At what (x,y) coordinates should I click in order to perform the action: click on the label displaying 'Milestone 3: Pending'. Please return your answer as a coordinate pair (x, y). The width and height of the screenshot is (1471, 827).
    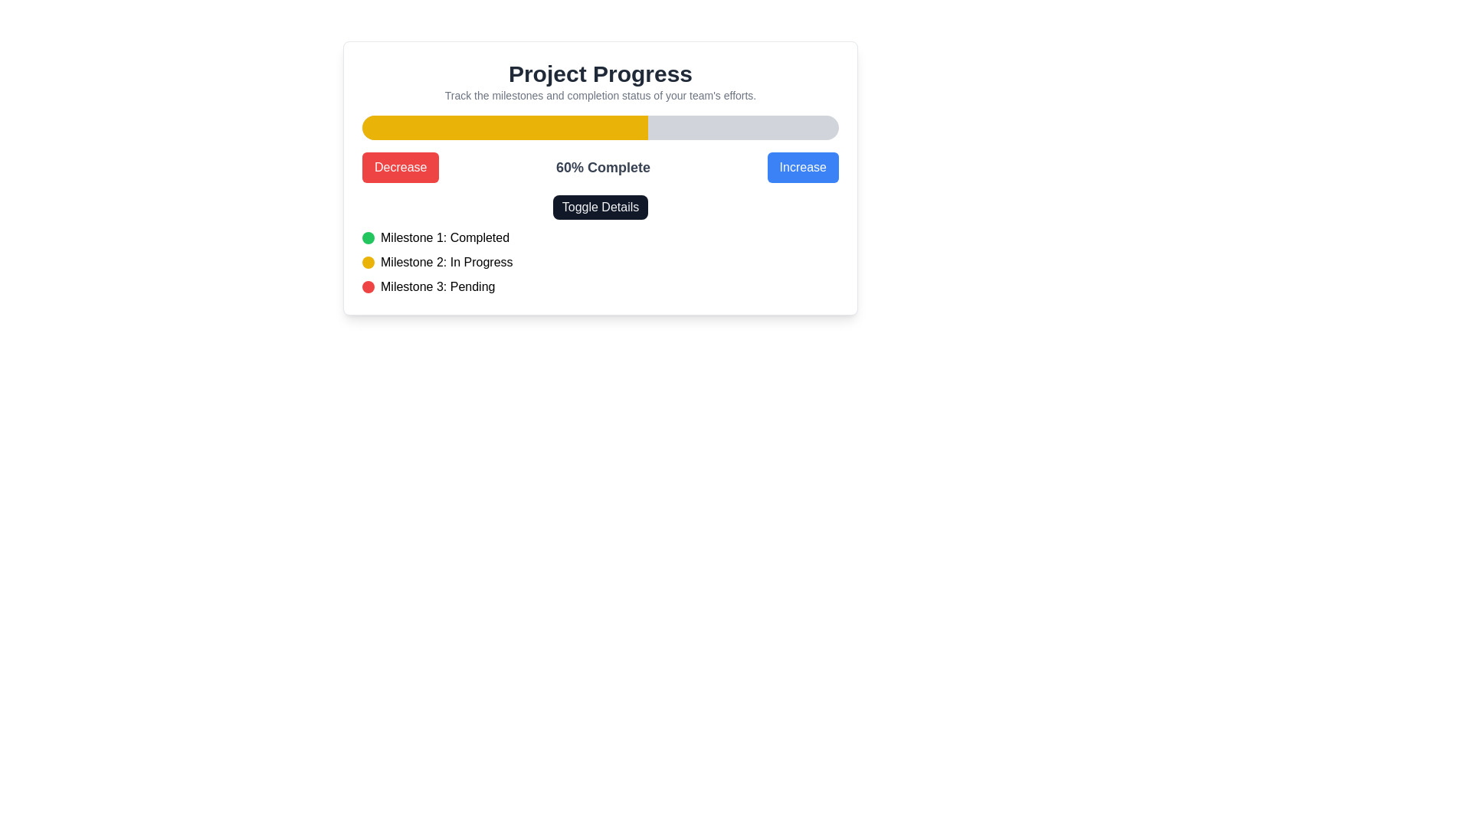
    Looking at the image, I should click on (437, 286).